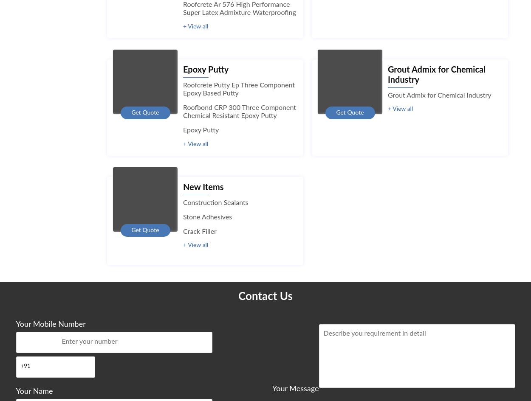  I want to click on 'Construction Sealants', so click(215, 202).